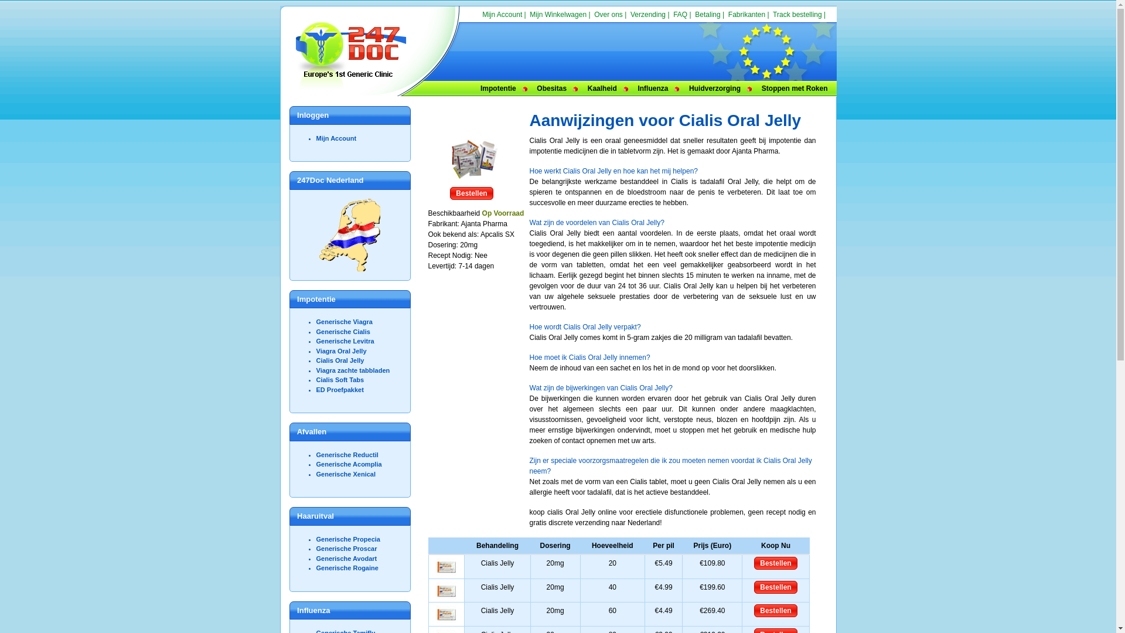 The width and height of the screenshot is (1125, 633). I want to click on 'Generische Rogaine', so click(347, 567).